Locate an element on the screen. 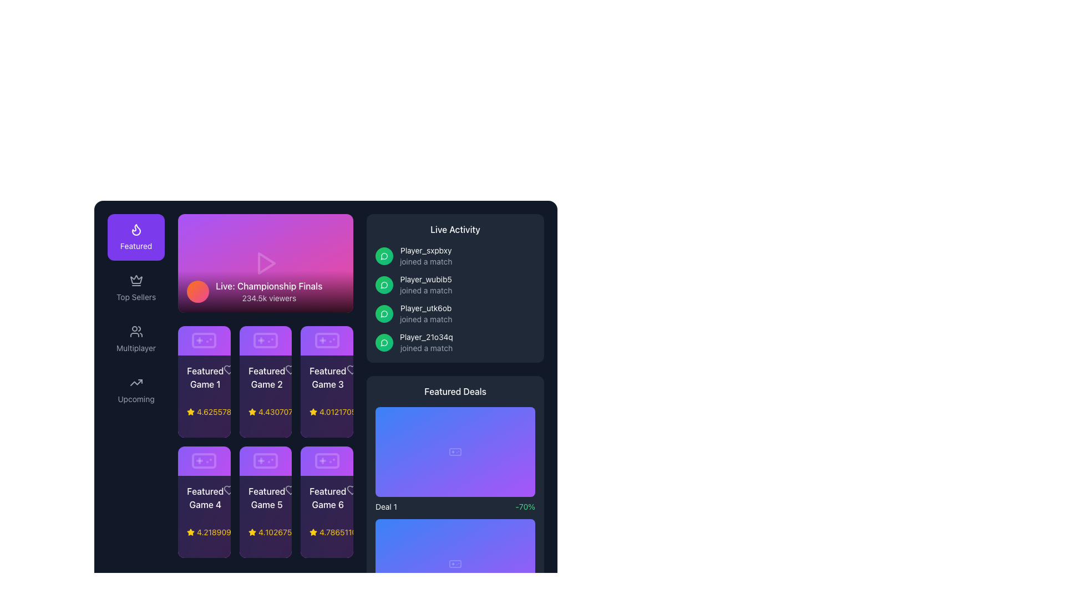 This screenshot has width=1065, height=599. the text label displaying 'Player_21o34q' in white font is located at coordinates (425, 337).